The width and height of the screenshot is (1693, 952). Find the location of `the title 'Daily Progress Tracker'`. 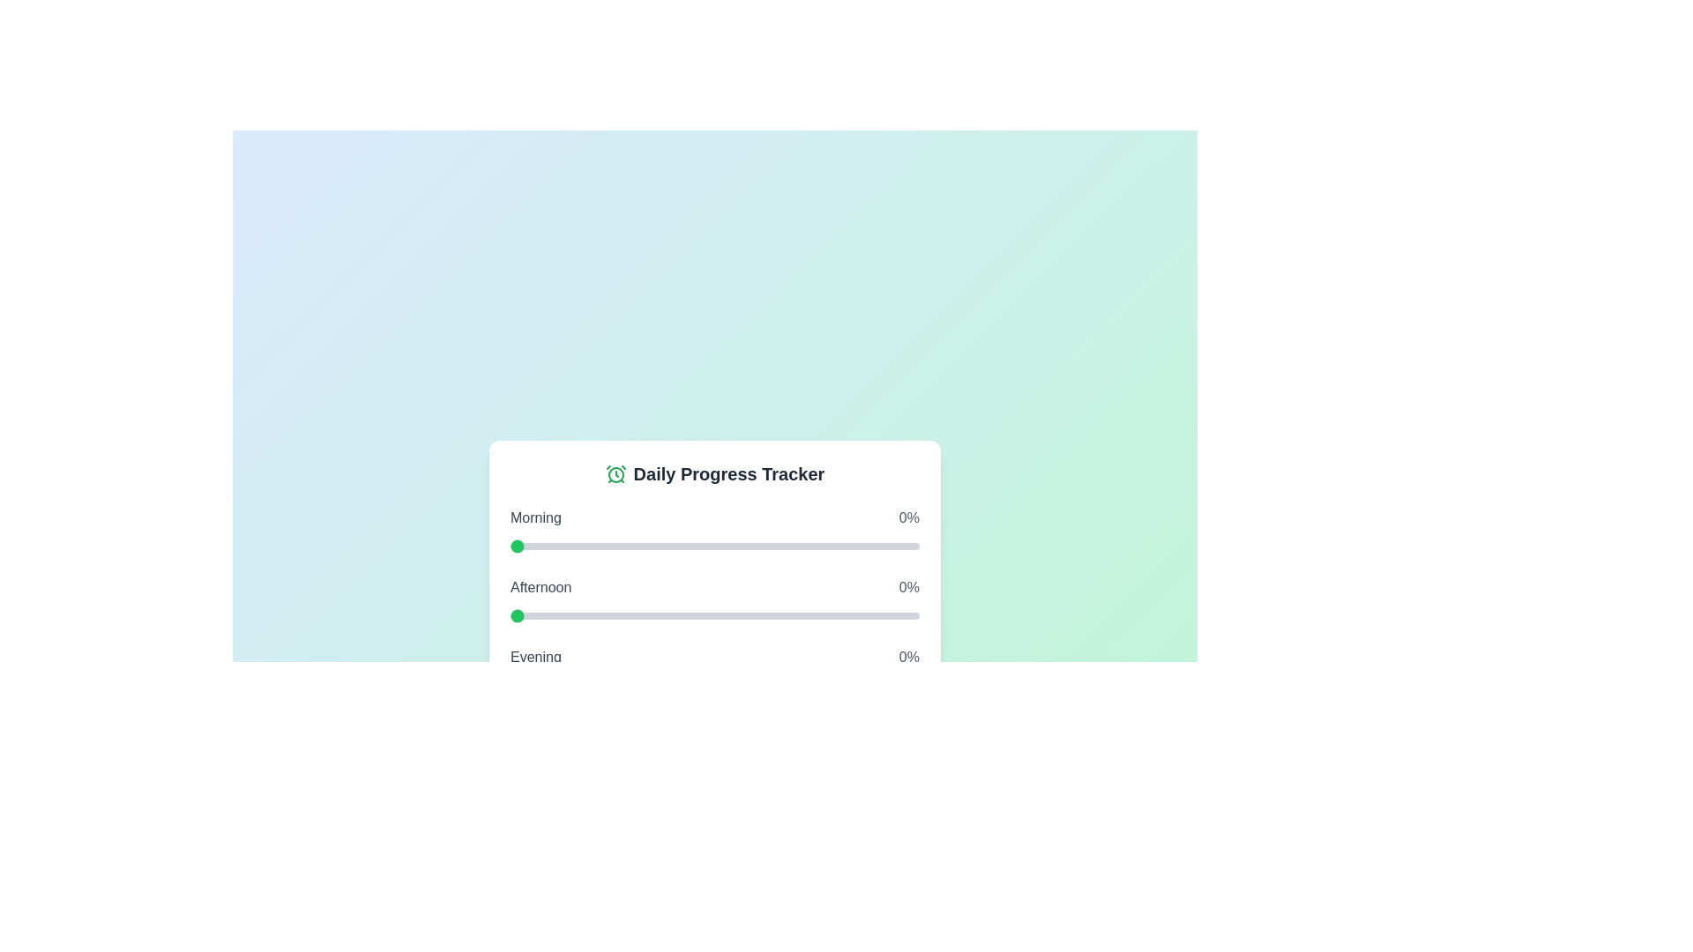

the title 'Daily Progress Tracker' is located at coordinates (715, 472).